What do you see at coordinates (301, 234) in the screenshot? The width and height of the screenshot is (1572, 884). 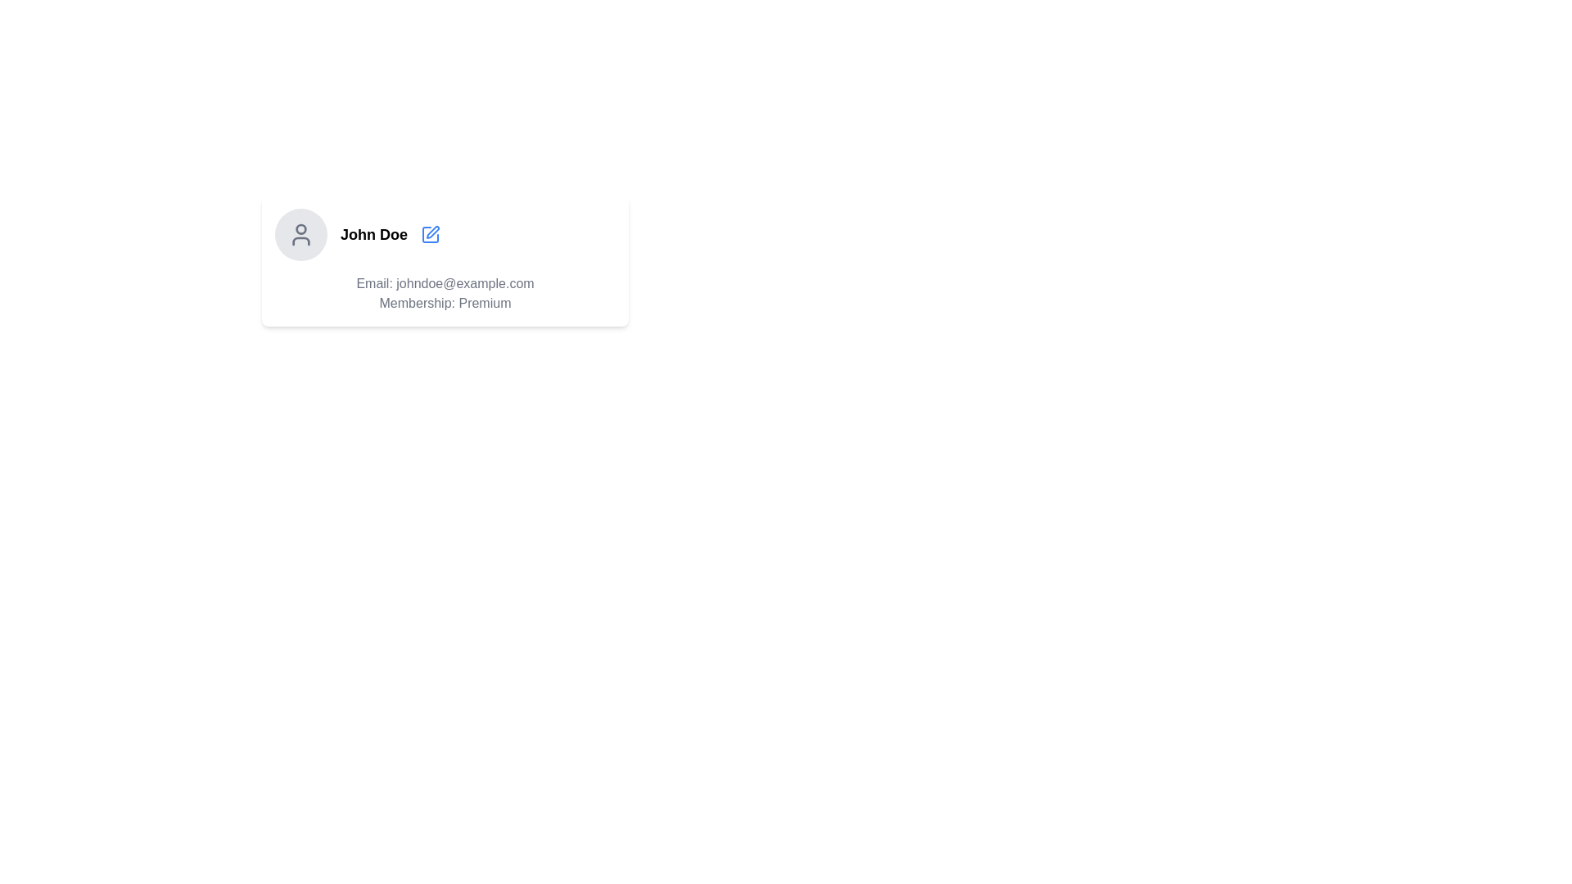 I see `the Profile Avatar Component, which is a circular UI element with a light gray background and a user icon, located to the left of the text 'John Doe'` at bounding box center [301, 234].